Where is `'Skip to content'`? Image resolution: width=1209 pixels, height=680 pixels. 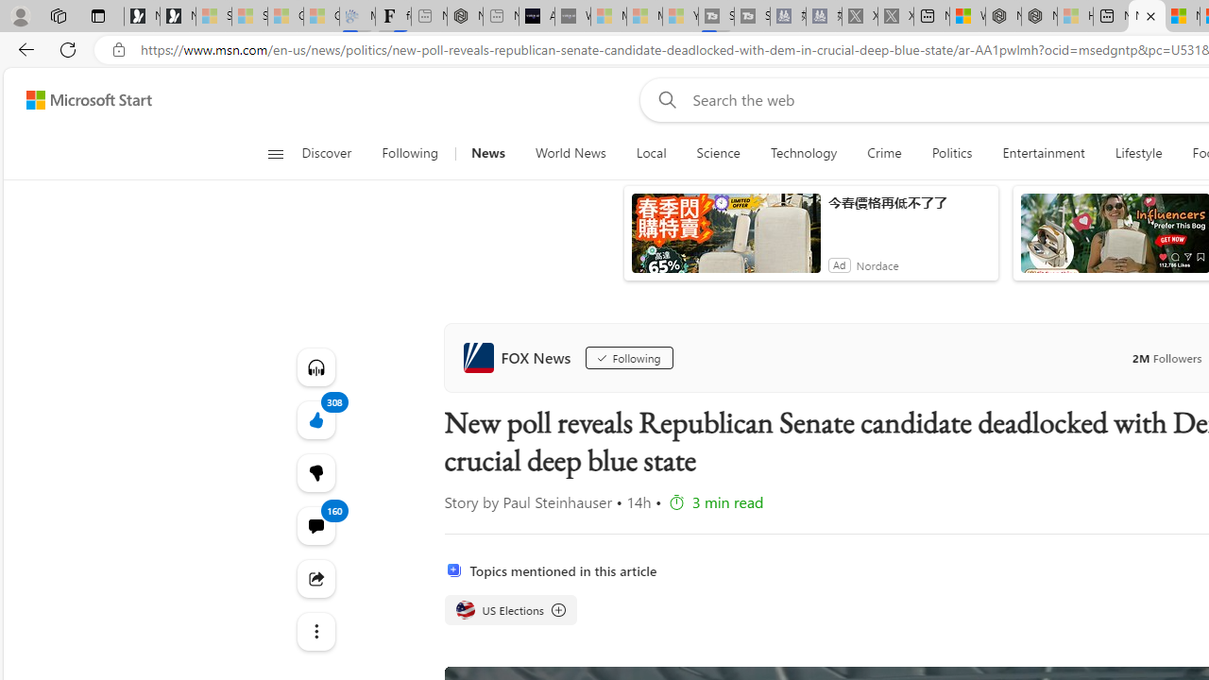
'Skip to content' is located at coordinates (81, 99).